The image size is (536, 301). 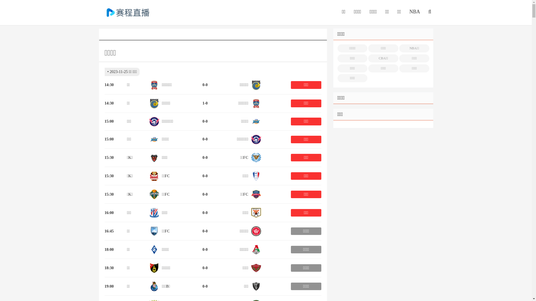 I want to click on 'NBA', so click(x=414, y=12).